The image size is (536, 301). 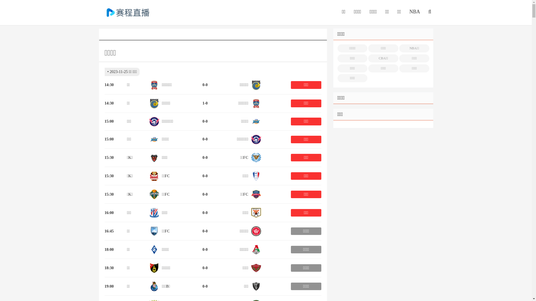 I want to click on 'NBA', so click(x=414, y=12).